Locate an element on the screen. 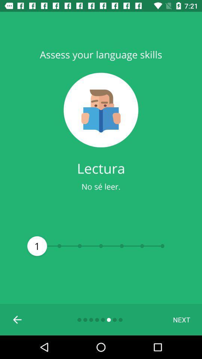 The image size is (202, 359). go back is located at coordinates (18, 319).